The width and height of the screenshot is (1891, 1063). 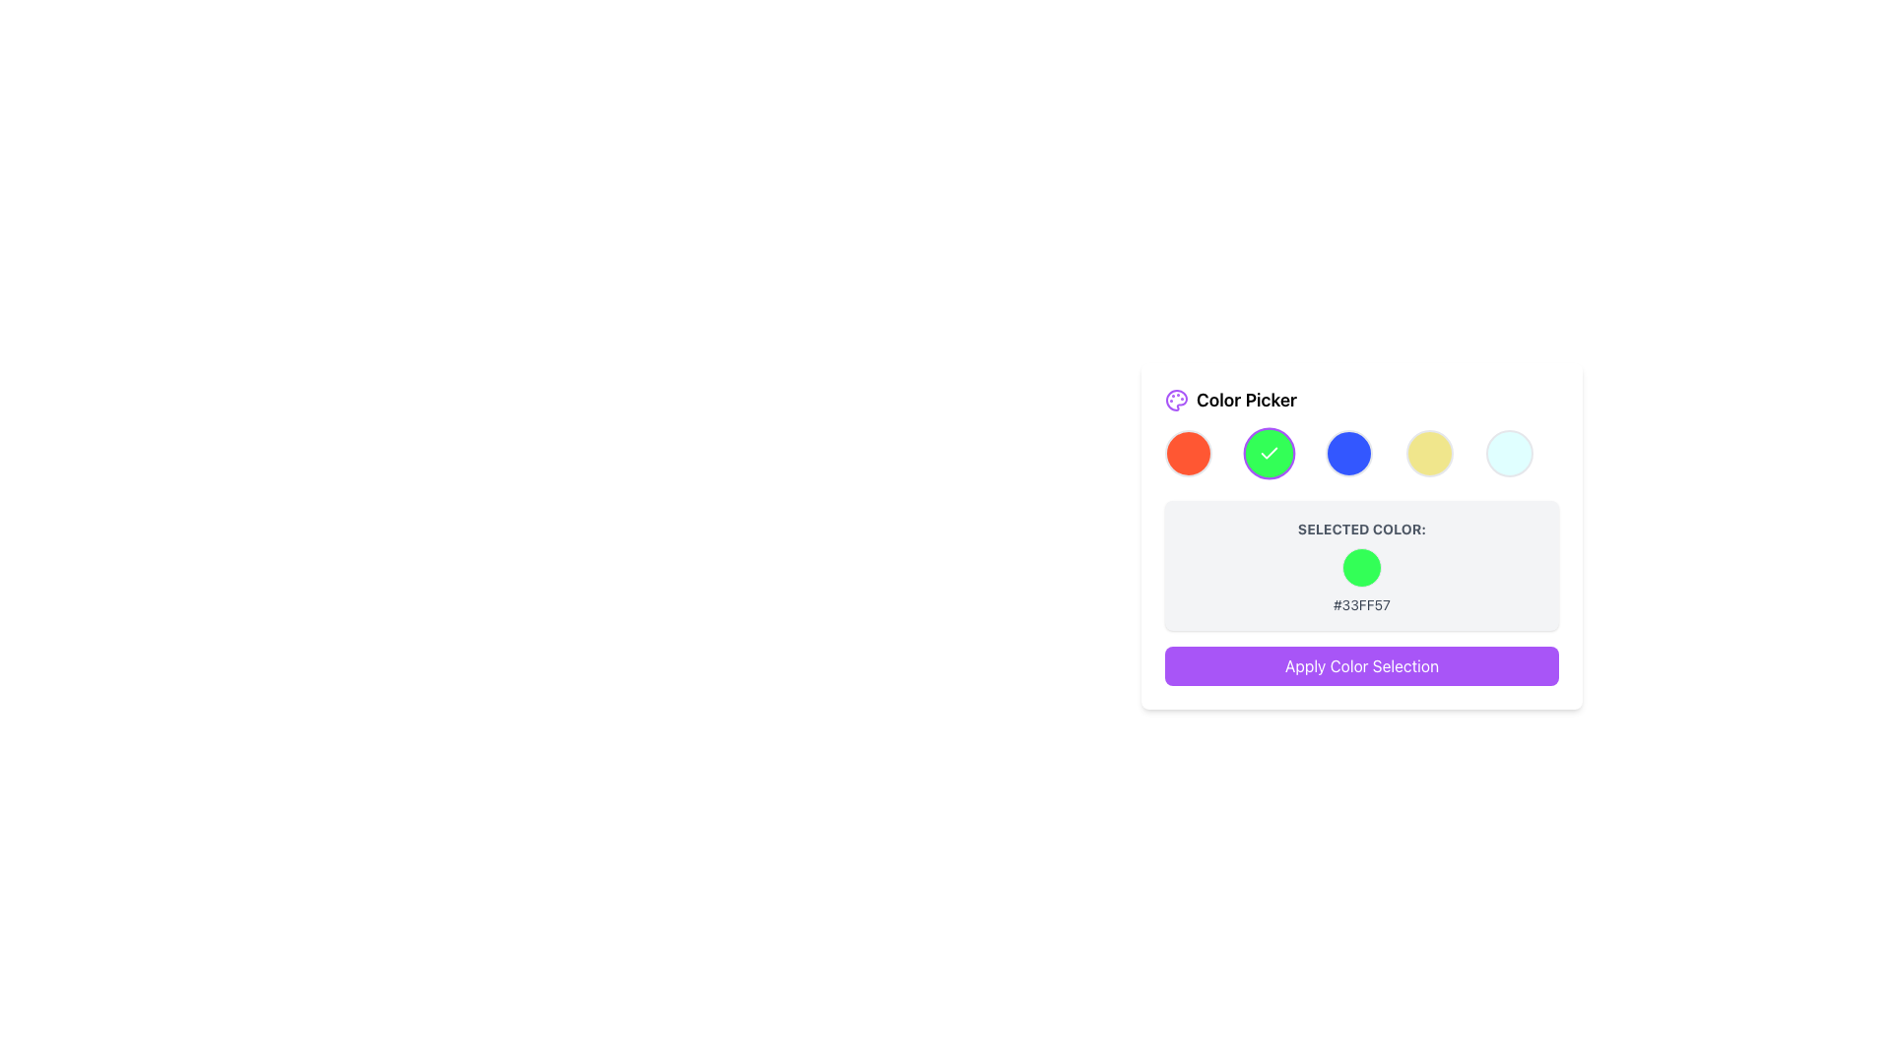 What do you see at coordinates (1509, 454) in the screenshot?
I see `the fifth circular color selection button in the color picker tool` at bounding box center [1509, 454].